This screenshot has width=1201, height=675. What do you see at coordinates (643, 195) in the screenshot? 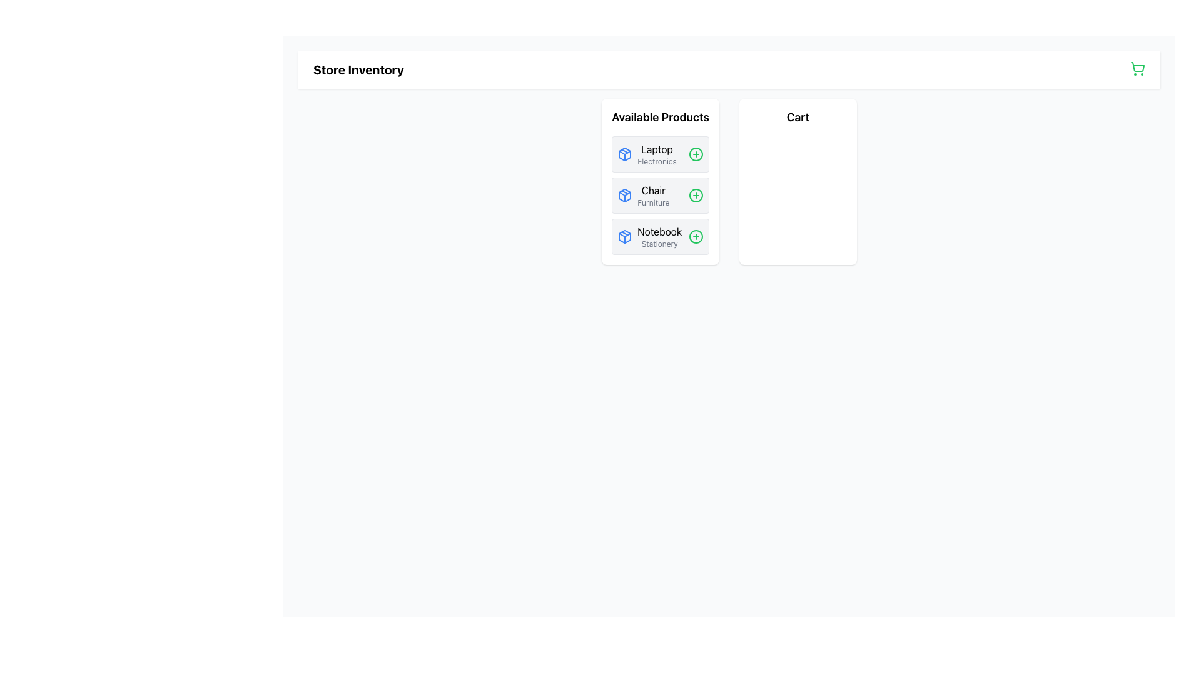
I see `the second Card component in the 'Available Products' section, which features a blue package icon and the text 'Chair' with 'Furniture' underneath` at bounding box center [643, 195].